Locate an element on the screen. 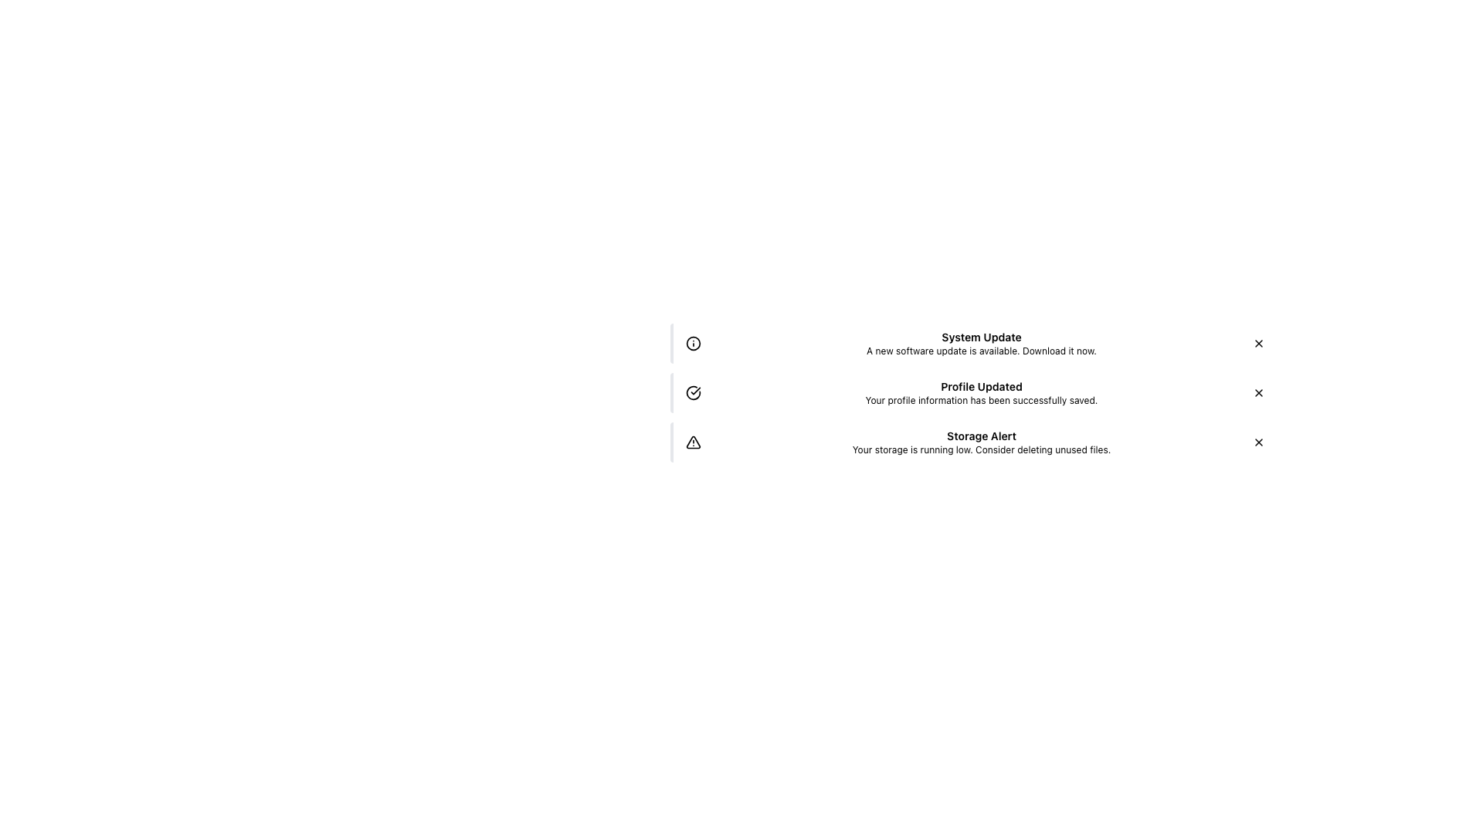 This screenshot has height=834, width=1483. the alert icon indicating a 'Storage Alert' notification, which is positioned to the left of the notification text is located at coordinates (692, 442).